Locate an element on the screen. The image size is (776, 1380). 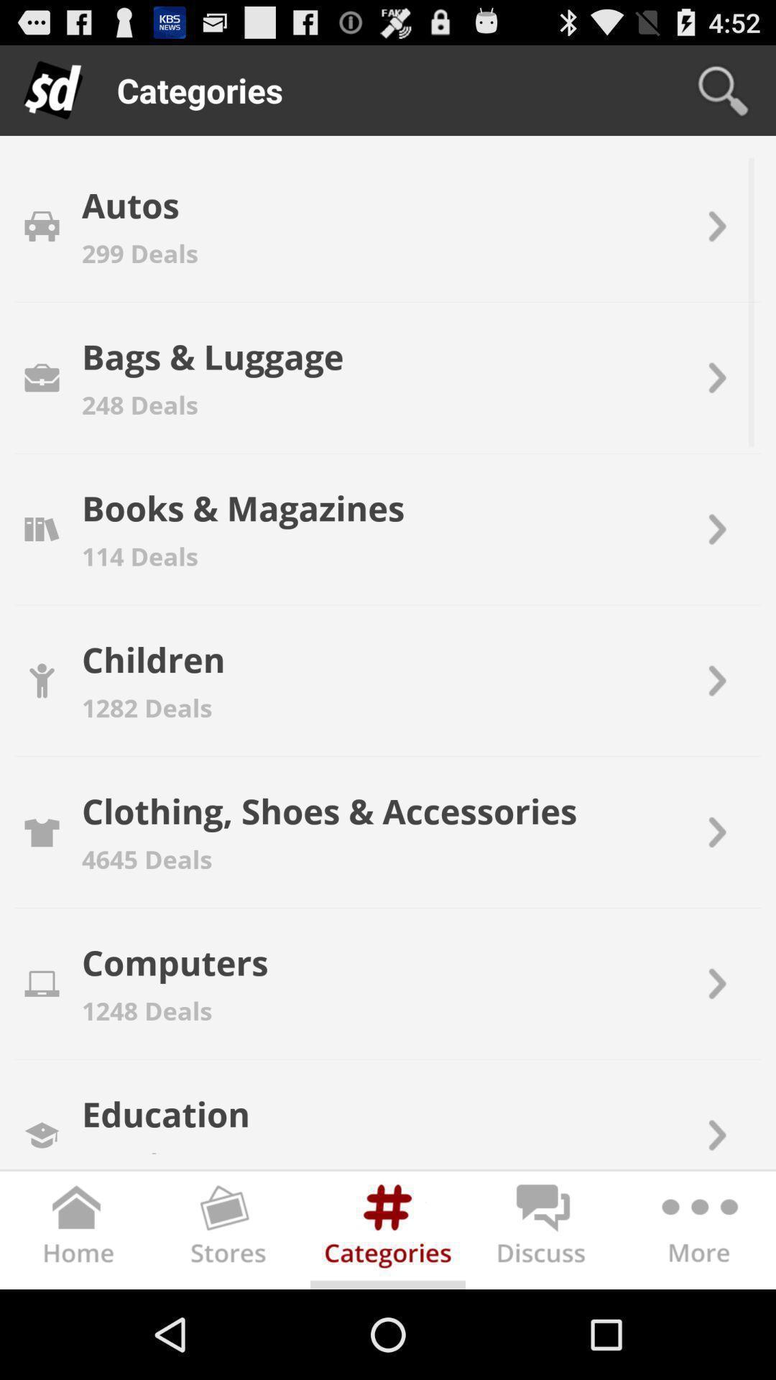
more options is located at coordinates (697, 1232).